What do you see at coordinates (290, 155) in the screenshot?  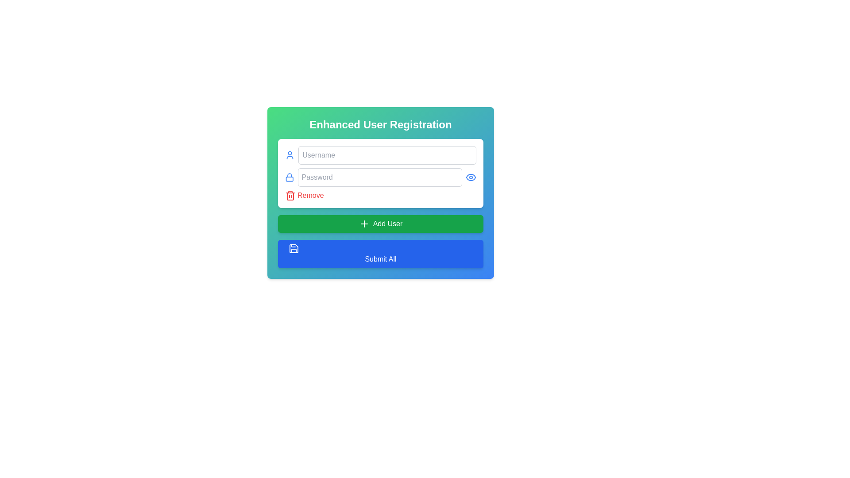 I see `the user account profile icon located at the left end of the horizontal arrangement, next to the username input field` at bounding box center [290, 155].